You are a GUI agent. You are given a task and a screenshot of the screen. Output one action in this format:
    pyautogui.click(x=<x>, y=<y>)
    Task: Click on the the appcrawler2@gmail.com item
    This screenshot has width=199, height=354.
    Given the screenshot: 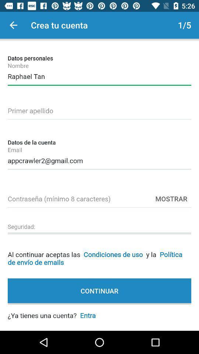 What is the action you would take?
    pyautogui.click(x=99, y=159)
    